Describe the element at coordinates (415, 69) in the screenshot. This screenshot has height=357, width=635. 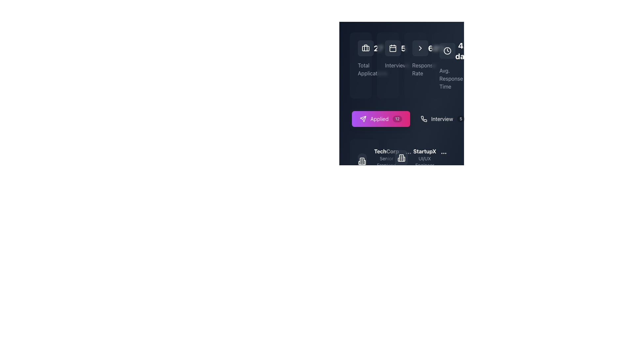
I see `the 'Response Rate' text label, which is displayed in a gray-colored font against a dark background, positioned beneath a bold percentage value ('68%')` at that location.